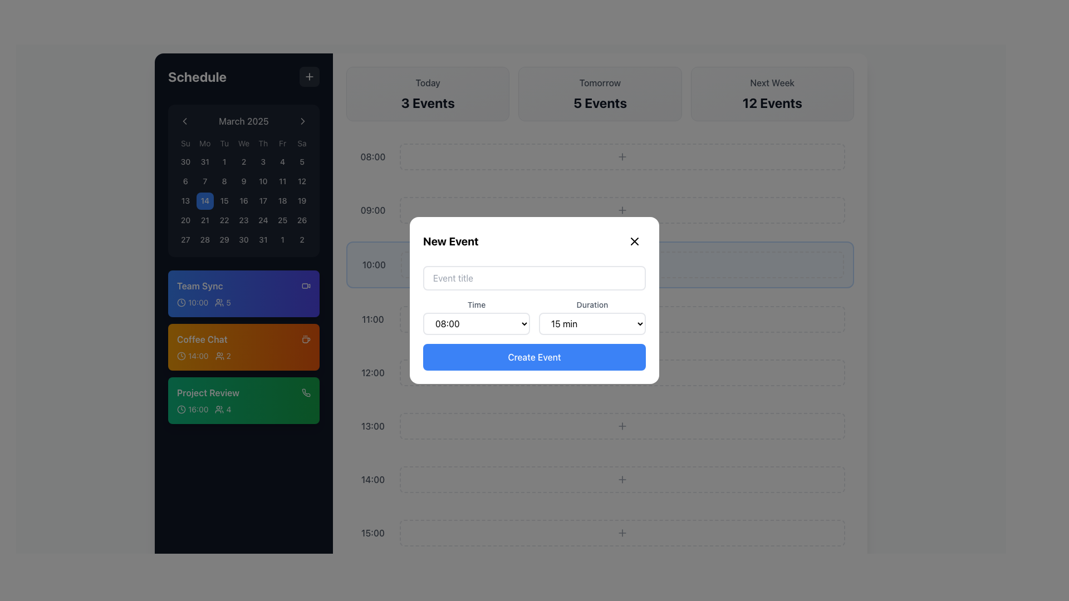 The width and height of the screenshot is (1069, 601). What do you see at coordinates (282, 181) in the screenshot?
I see `the button representing the date '11' in the calendar grid` at bounding box center [282, 181].